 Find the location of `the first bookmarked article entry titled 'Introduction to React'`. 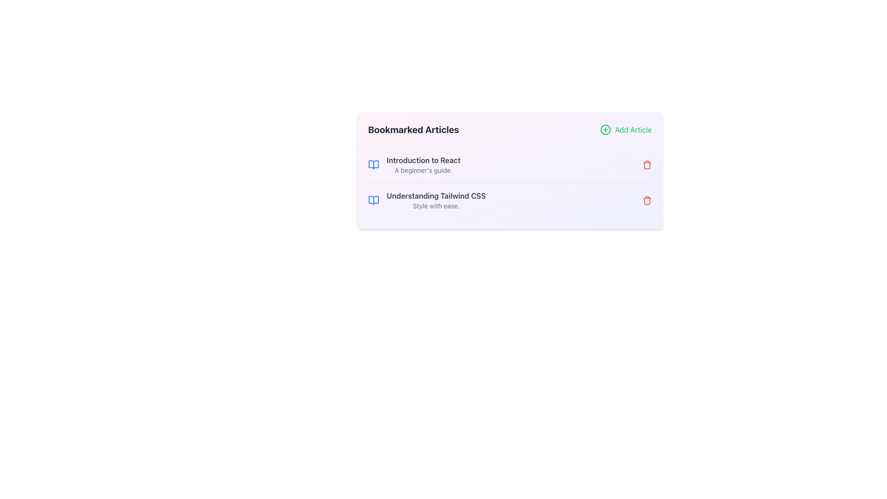

the first bookmarked article entry titled 'Introduction to React' is located at coordinates (413, 164).